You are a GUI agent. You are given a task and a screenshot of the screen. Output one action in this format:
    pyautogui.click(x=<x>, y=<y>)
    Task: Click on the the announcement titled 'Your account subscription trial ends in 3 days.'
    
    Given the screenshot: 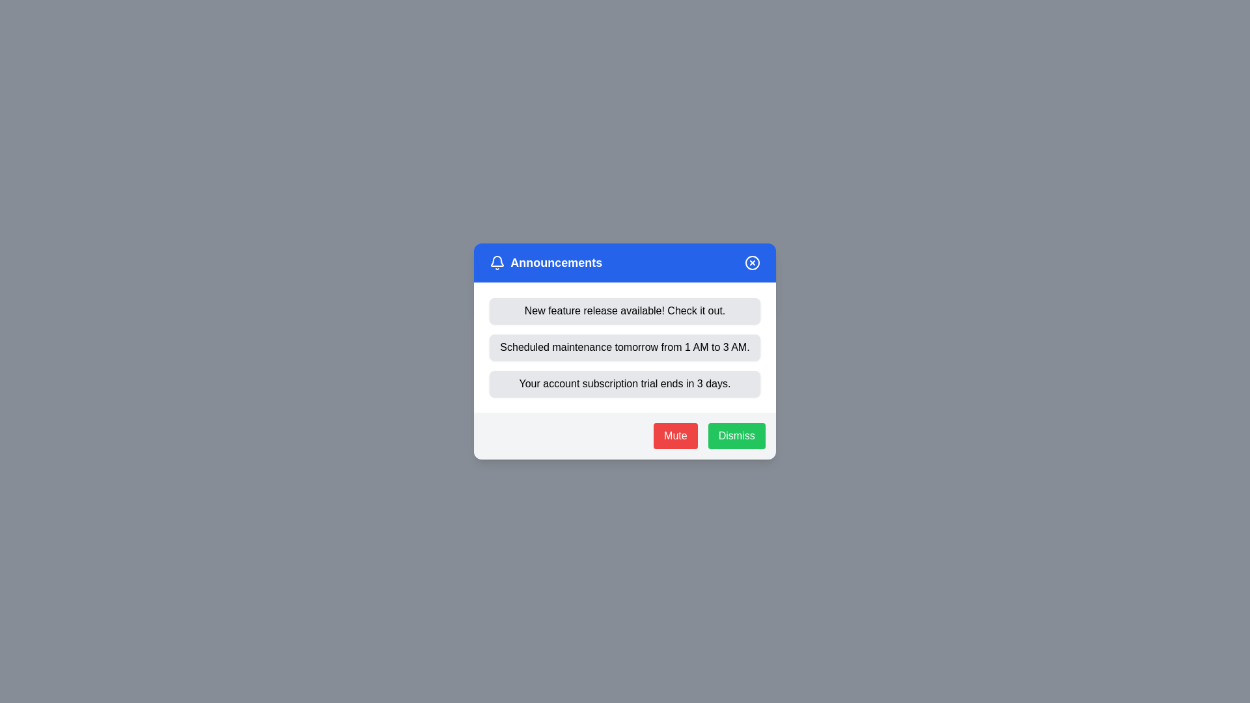 What is the action you would take?
    pyautogui.click(x=625, y=383)
    